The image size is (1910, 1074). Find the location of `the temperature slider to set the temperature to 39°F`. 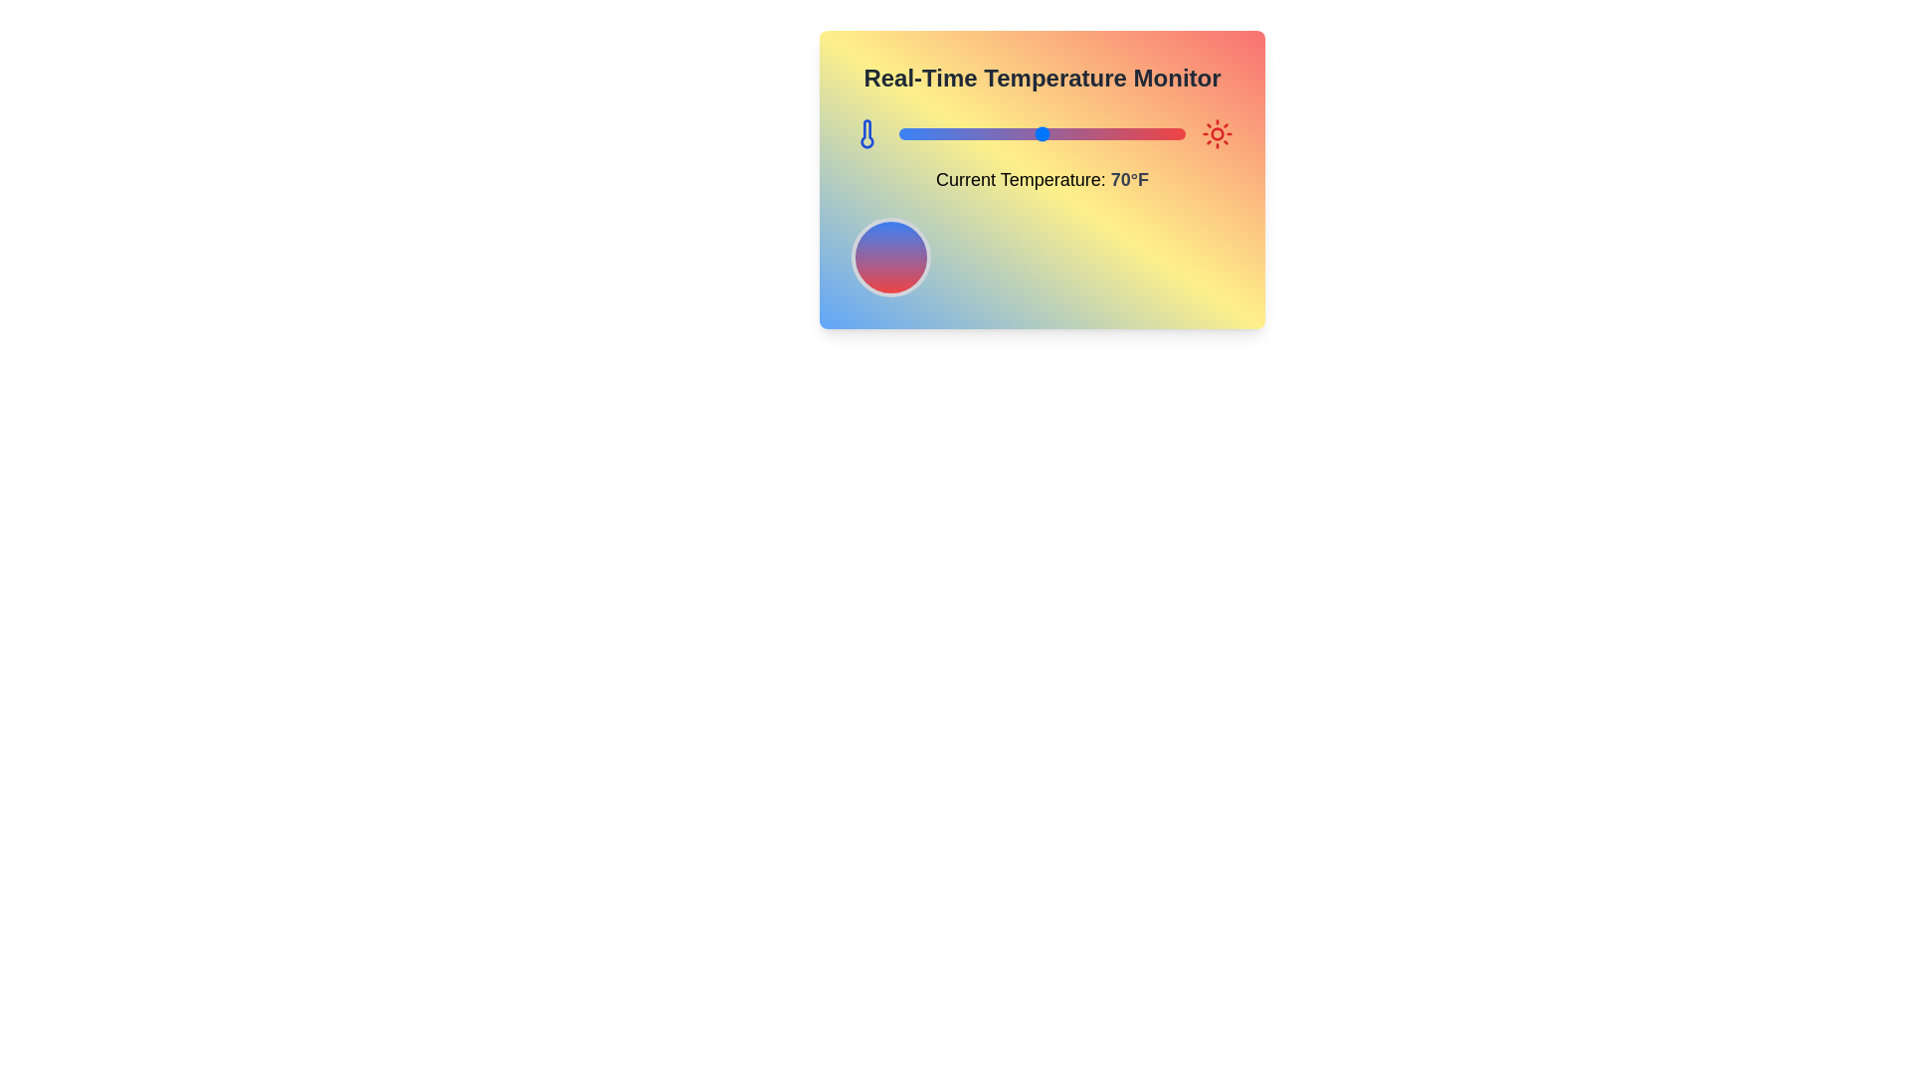

the temperature slider to set the temperature to 39°F is located at coordinates (952, 134).